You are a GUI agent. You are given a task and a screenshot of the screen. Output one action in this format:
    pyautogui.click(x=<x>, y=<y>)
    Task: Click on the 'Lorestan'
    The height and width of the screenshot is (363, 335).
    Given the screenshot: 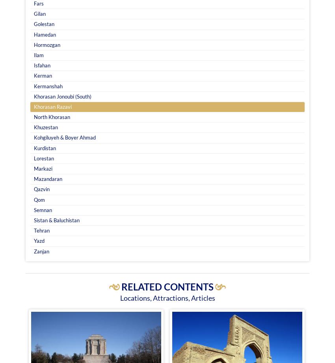 What is the action you would take?
    pyautogui.click(x=33, y=158)
    